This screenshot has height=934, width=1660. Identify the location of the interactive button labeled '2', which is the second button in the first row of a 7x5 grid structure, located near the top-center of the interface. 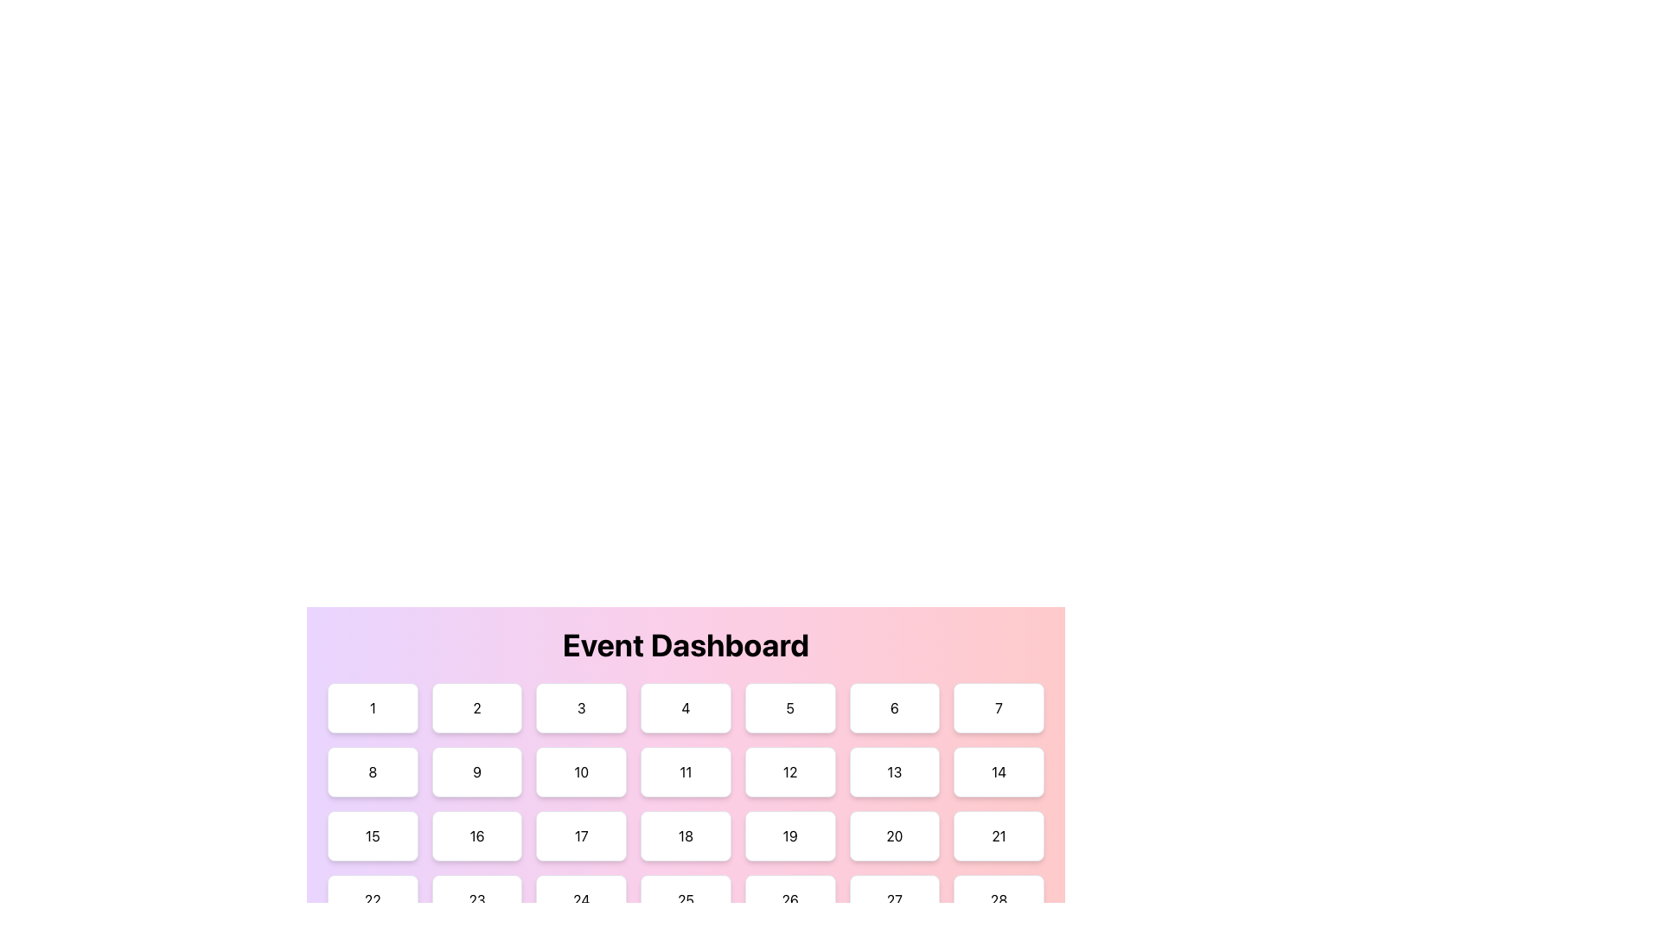
(477, 707).